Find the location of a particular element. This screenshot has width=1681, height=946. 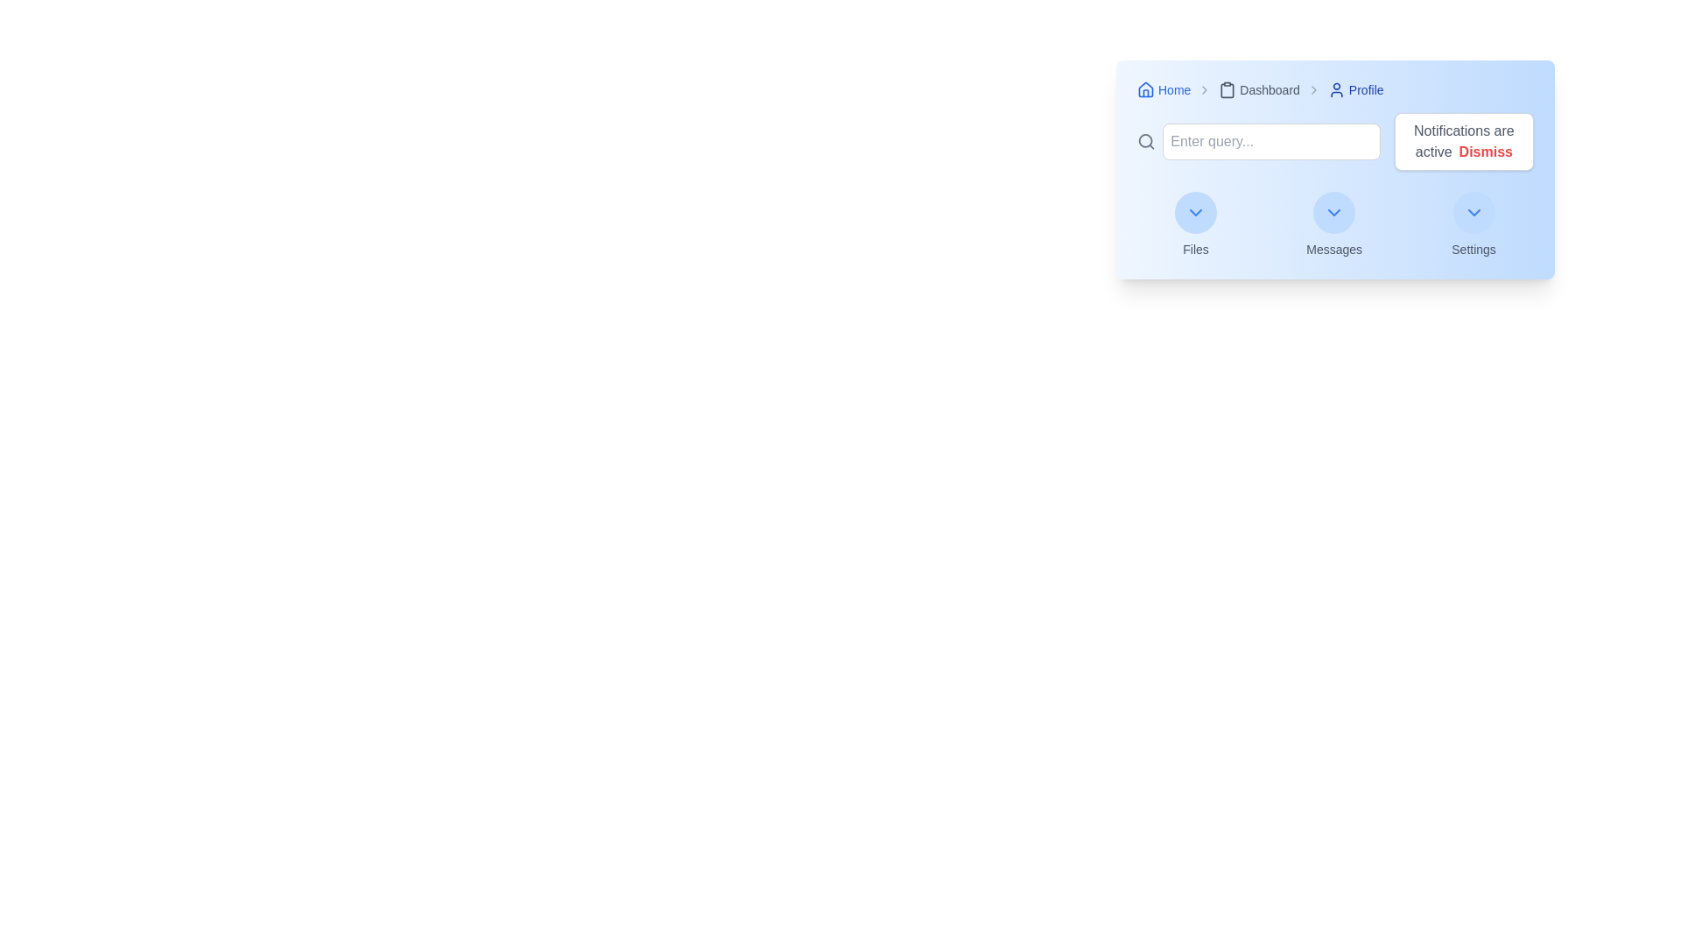

the hyperlink component that navigates to the 'Dashboard' section, located in the breadcrumb navigation bar between 'Home' and 'Profile' is located at coordinates (1258, 90).